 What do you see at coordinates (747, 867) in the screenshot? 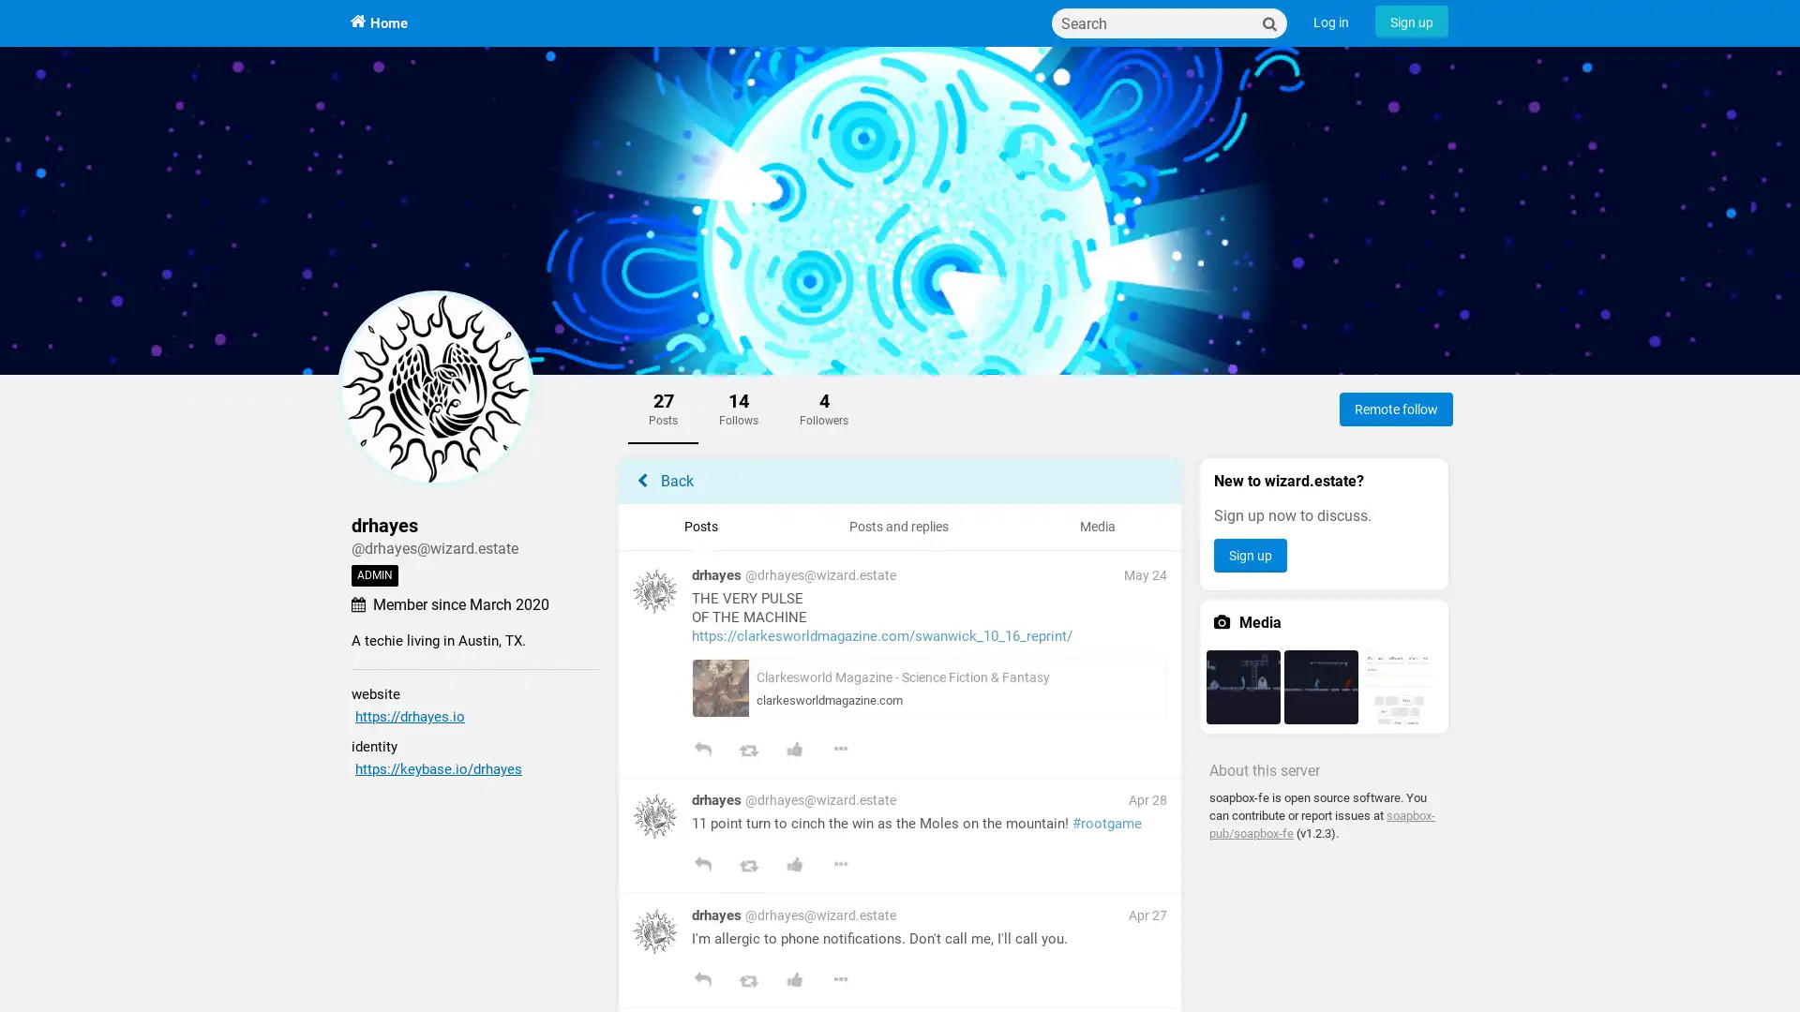
I see `Repost` at bounding box center [747, 867].